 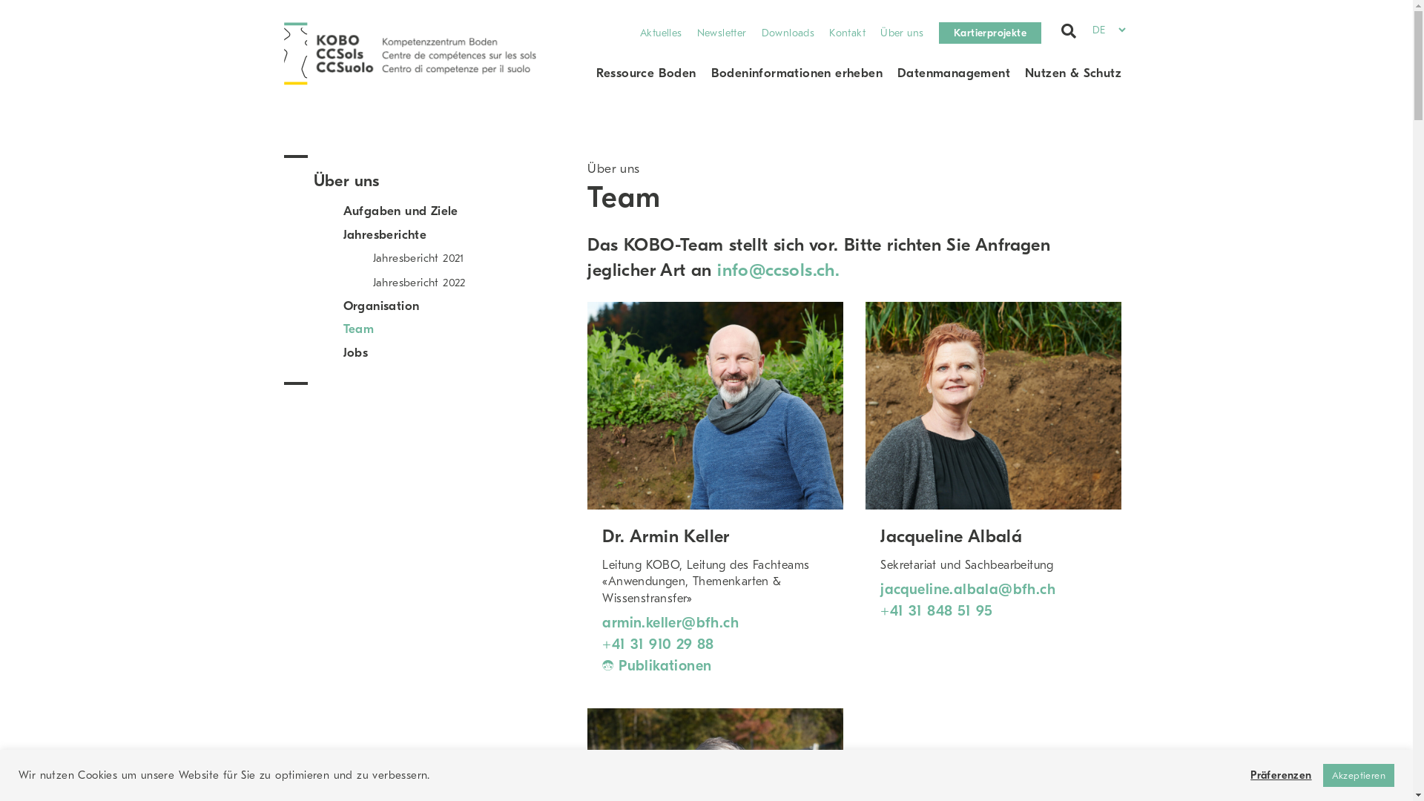 What do you see at coordinates (722, 32) in the screenshot?
I see `'Newsletter'` at bounding box center [722, 32].